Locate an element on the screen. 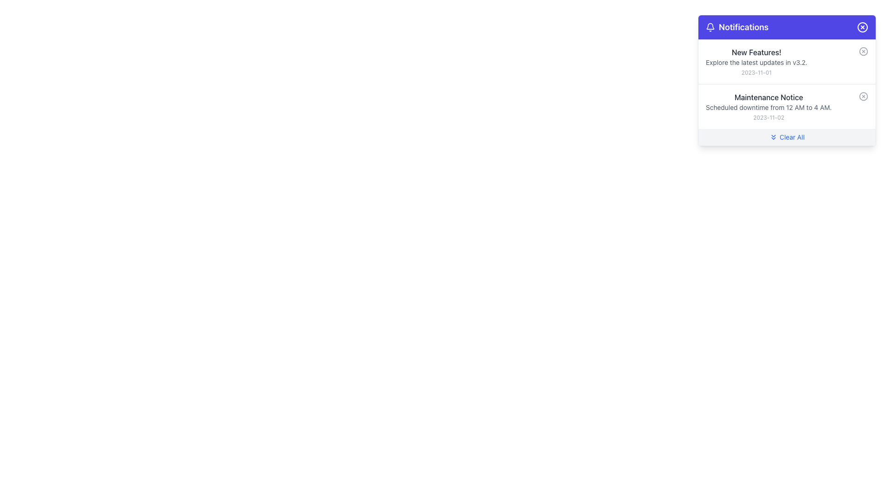  the Text Block that contains the header 'New Features!', the description 'Explore the latest updates in v3.2.', and the timestamp is located at coordinates (756, 61).